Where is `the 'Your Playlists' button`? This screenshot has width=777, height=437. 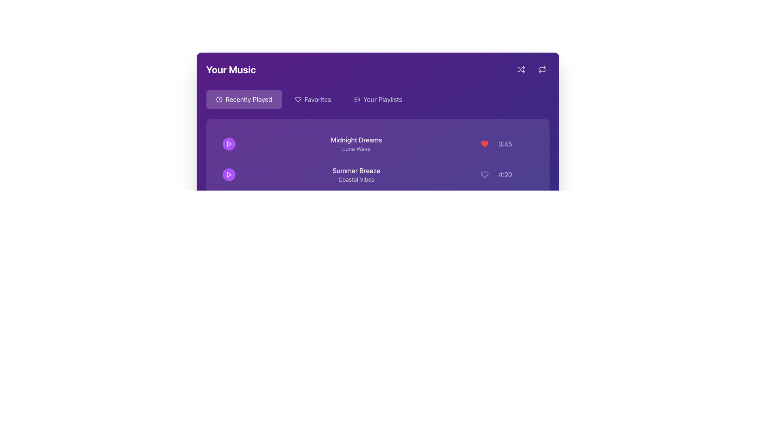 the 'Your Playlists' button is located at coordinates (378, 99).